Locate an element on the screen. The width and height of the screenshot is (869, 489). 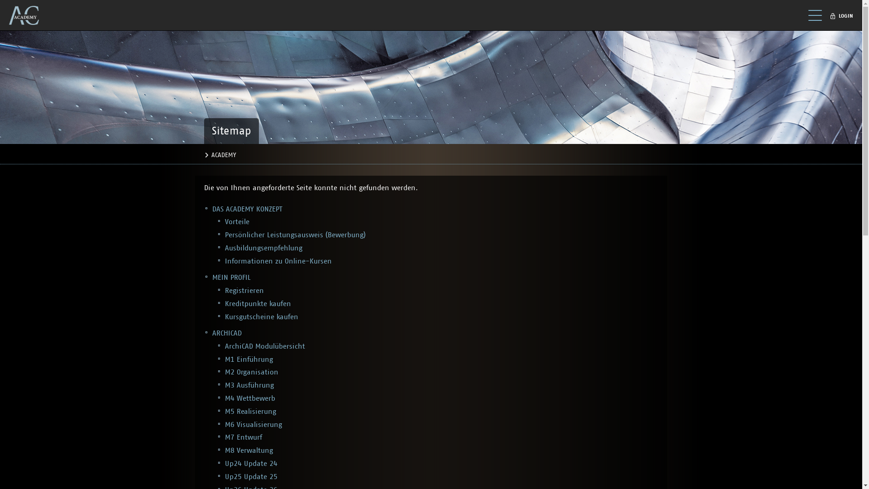
'ACADEMY' is located at coordinates (223, 155).